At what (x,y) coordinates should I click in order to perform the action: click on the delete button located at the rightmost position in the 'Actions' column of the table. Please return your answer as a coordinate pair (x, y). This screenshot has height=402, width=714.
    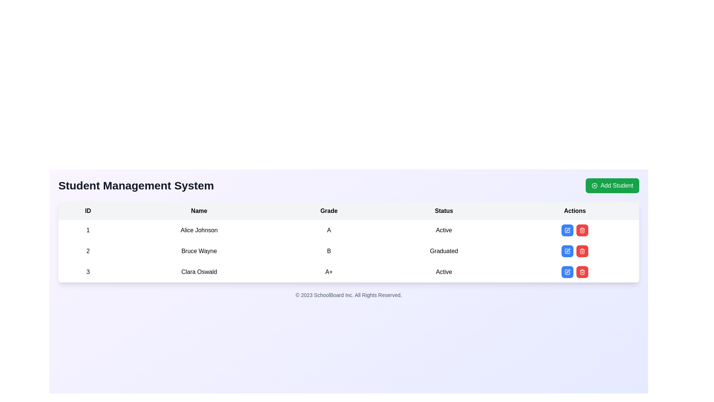
    Looking at the image, I should click on (582, 230).